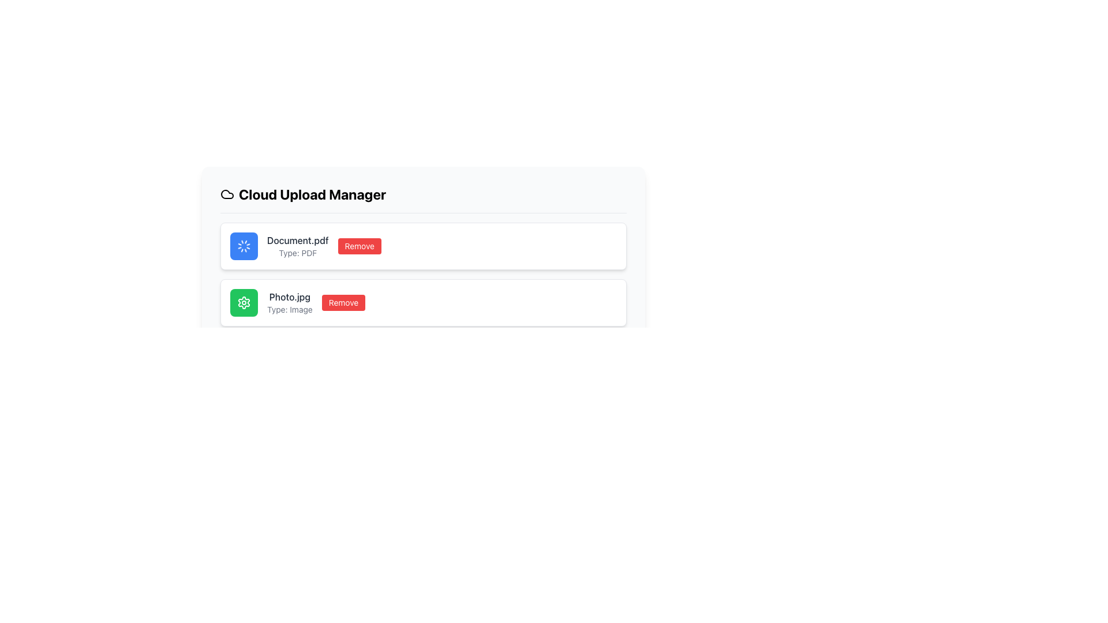  Describe the element at coordinates (298, 246) in the screenshot. I see `the text display component showing 'Document.pdf' with metadata 'Type: PDF' in the first card of the file list` at that location.